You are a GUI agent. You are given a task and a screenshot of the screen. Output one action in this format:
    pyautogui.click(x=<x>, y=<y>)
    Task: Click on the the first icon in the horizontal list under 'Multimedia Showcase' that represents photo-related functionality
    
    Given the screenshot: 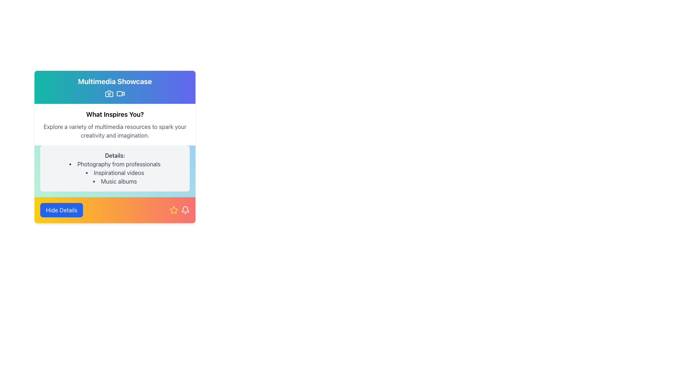 What is the action you would take?
    pyautogui.click(x=109, y=93)
    